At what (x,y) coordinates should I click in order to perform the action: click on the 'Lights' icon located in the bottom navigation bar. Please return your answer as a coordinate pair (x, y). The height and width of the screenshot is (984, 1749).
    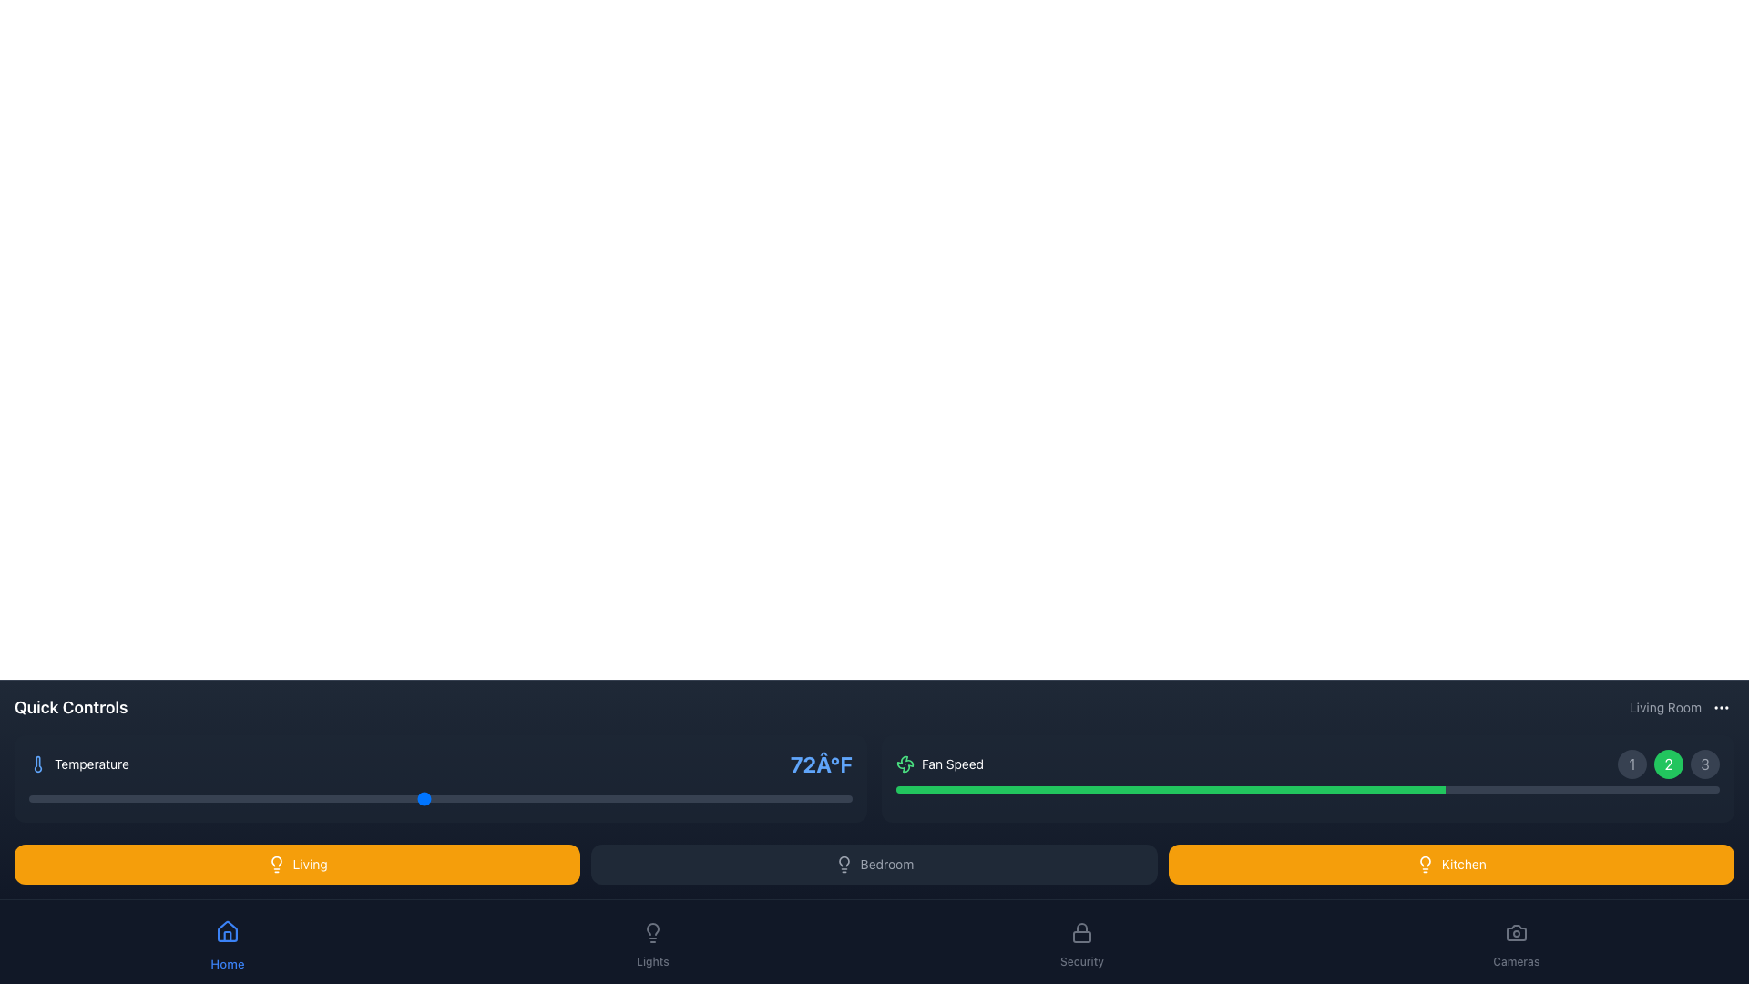
    Looking at the image, I should click on (652, 932).